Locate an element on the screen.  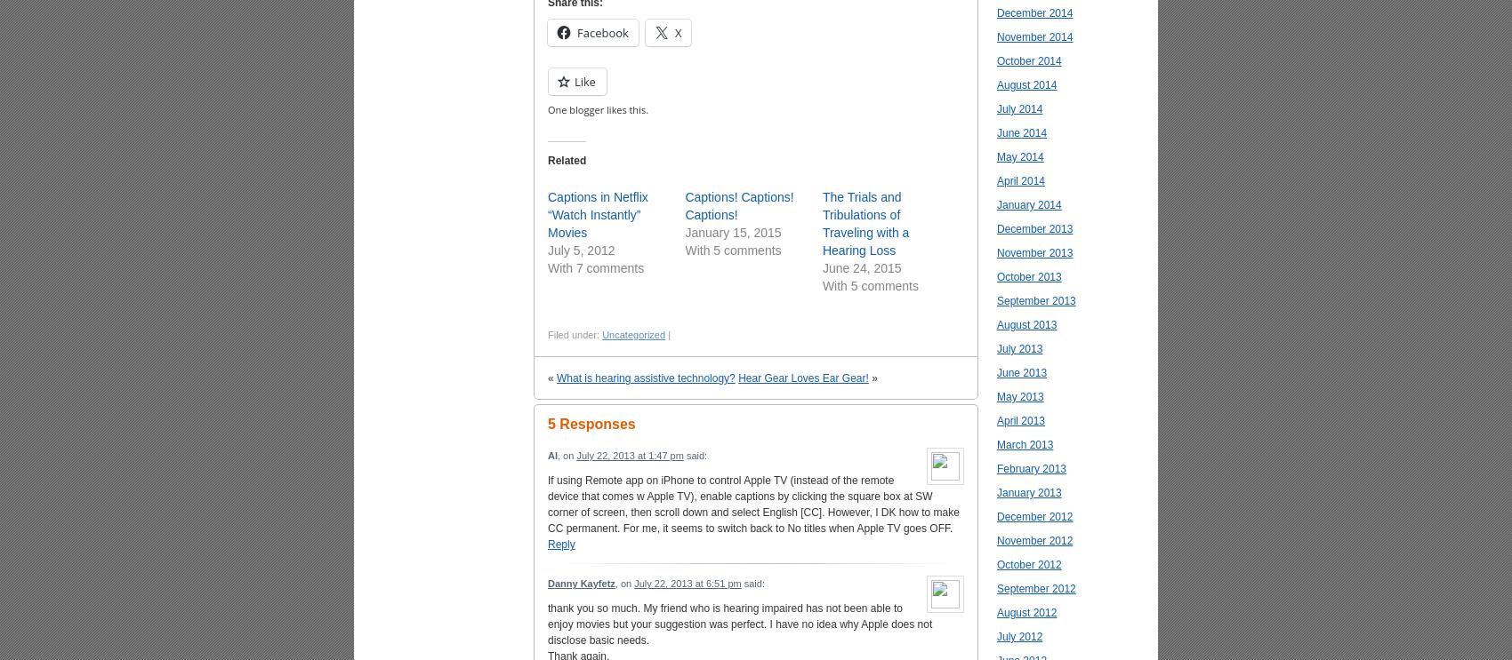
'What is hearing assistive technology?' is located at coordinates (646, 378).